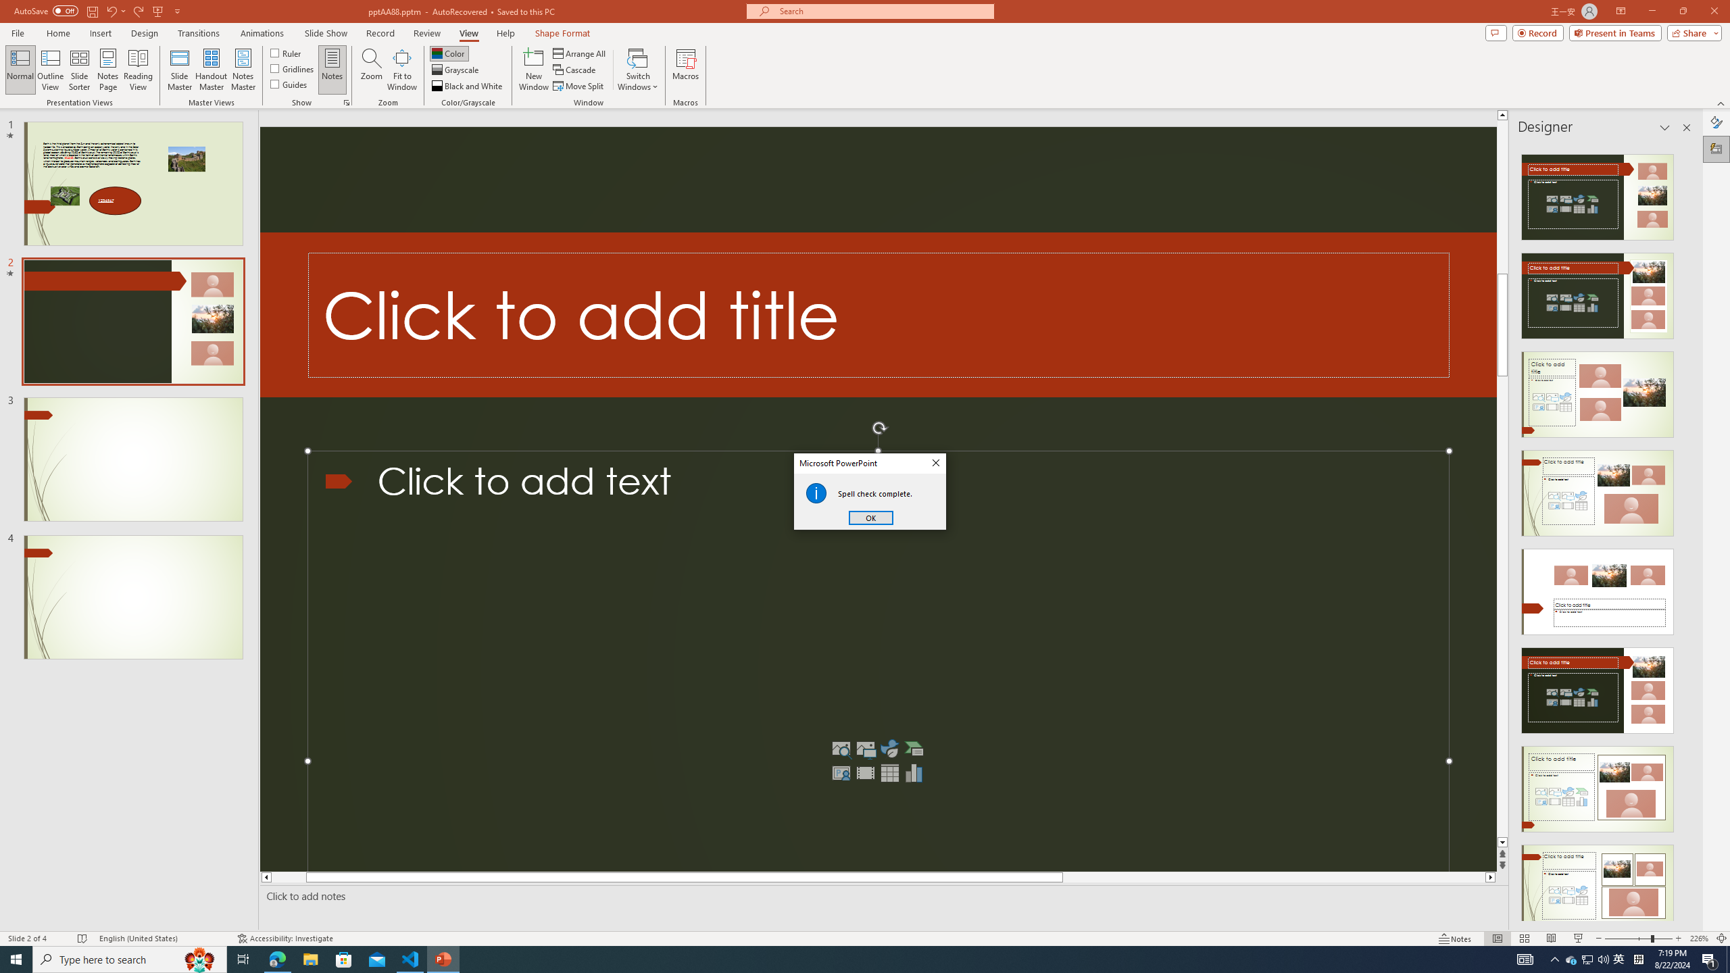  Describe the element at coordinates (1598, 192) in the screenshot. I see `'Recommended Design: Design Idea'` at that location.